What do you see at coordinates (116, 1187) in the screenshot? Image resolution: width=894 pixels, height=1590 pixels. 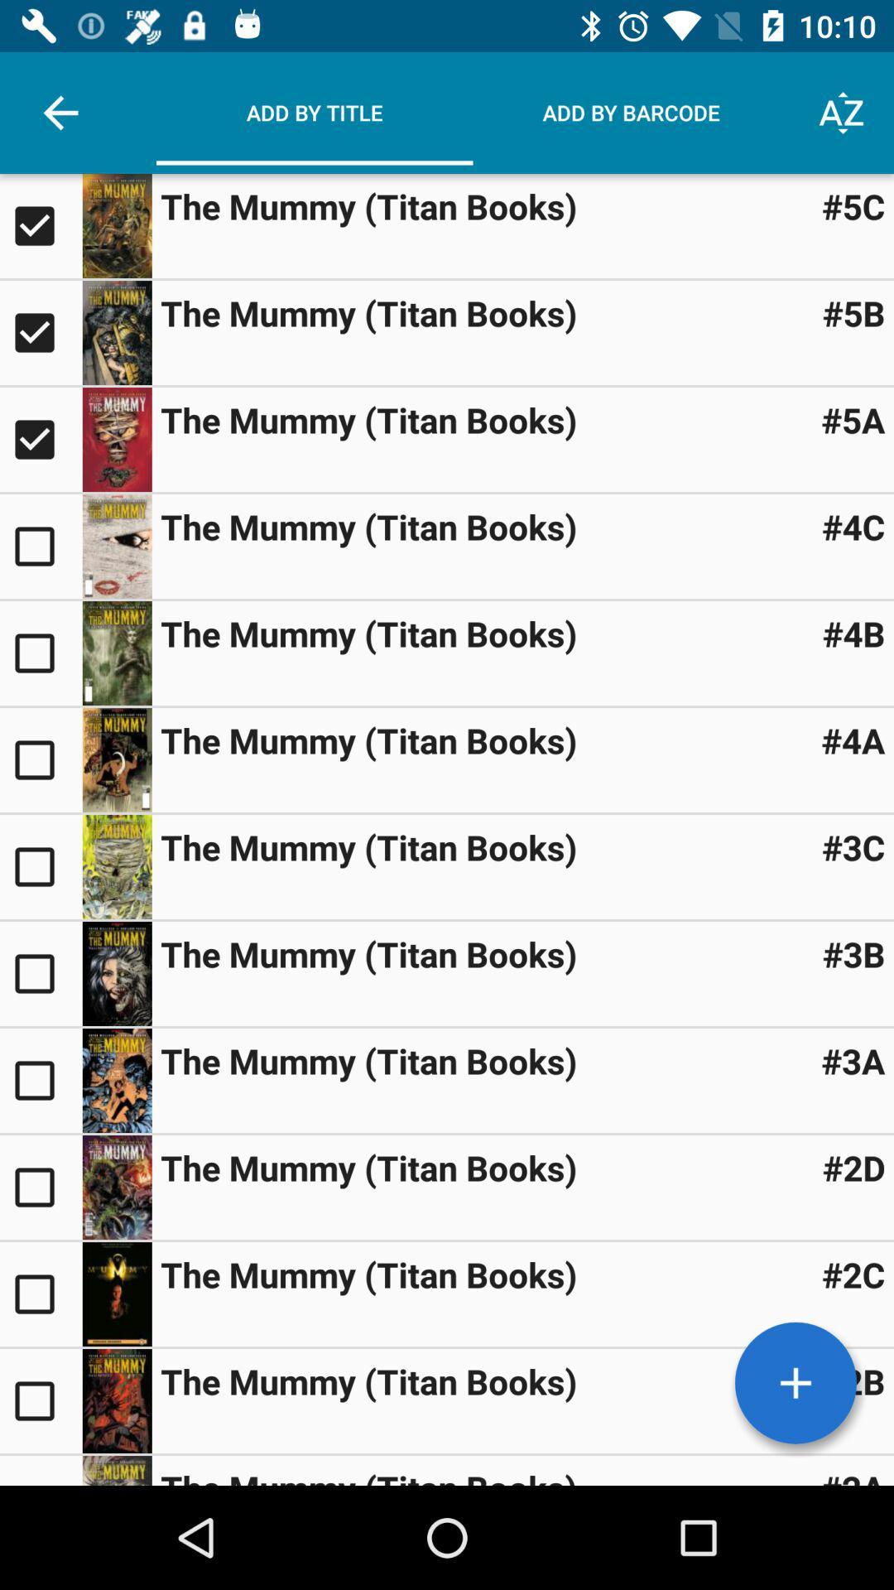 I see `image button` at bounding box center [116, 1187].